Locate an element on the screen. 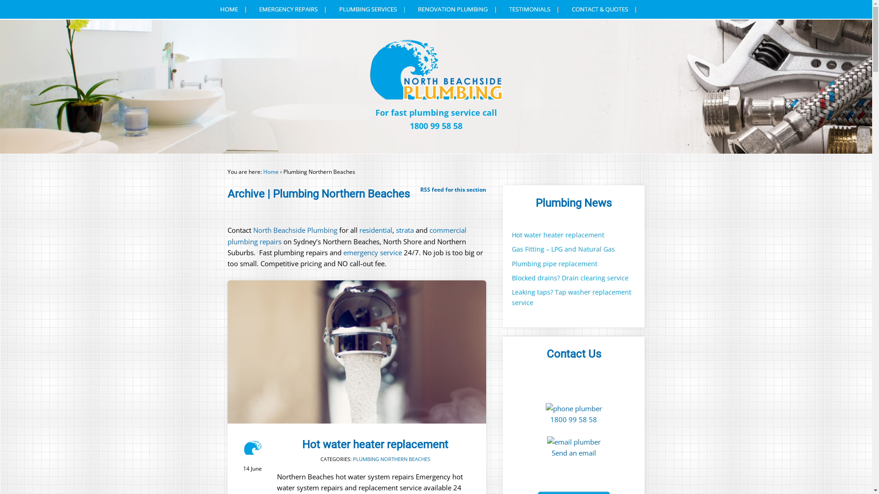  'RENOVATION PLUMBING' is located at coordinates (457, 9).